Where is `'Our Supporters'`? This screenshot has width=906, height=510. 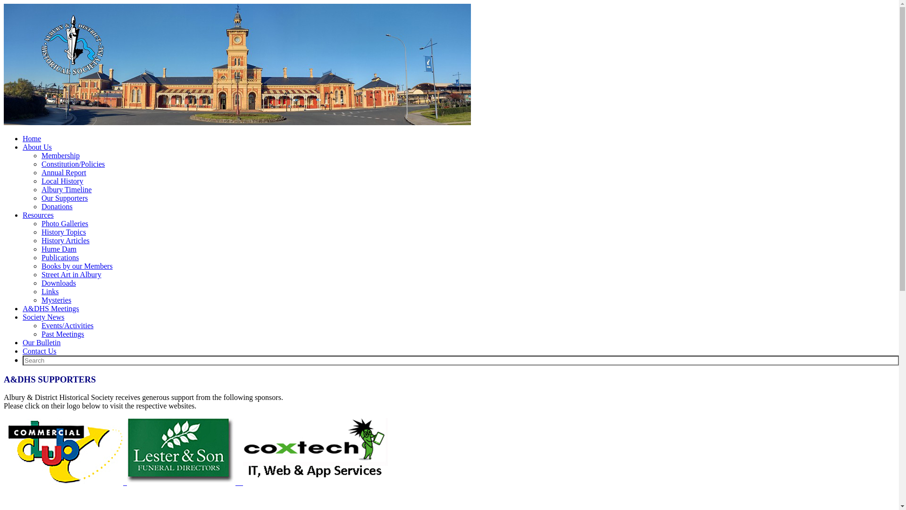
'Our Supporters' is located at coordinates (64, 197).